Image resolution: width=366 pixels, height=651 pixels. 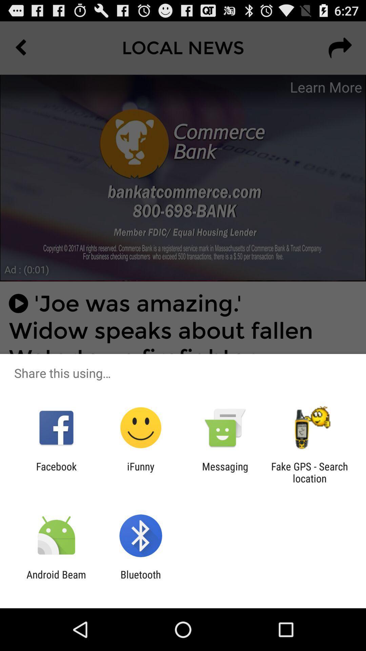 I want to click on app to the left of the bluetooth app, so click(x=56, y=580).